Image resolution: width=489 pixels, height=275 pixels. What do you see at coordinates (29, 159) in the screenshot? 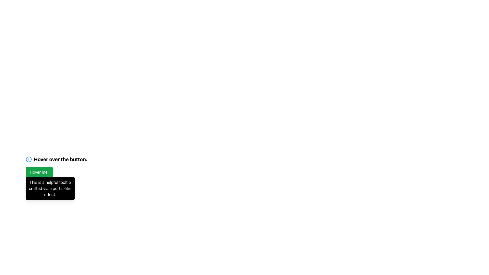
I see `the information icon, which is a blue circle with a white background and resembles the letter 'i', located to the left of the text 'Hover over the button:'` at bounding box center [29, 159].